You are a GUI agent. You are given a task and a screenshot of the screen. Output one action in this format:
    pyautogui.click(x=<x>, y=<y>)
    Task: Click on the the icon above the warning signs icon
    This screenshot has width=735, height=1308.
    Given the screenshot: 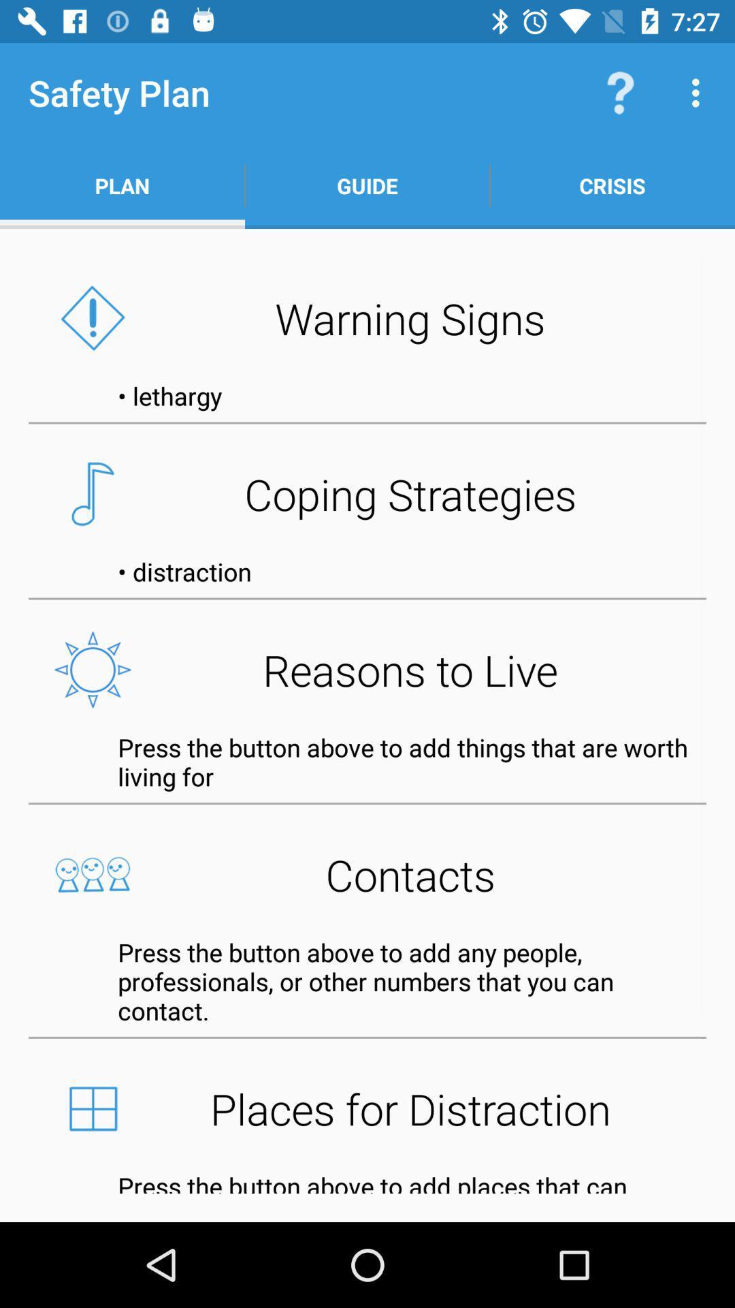 What is the action you would take?
    pyautogui.click(x=367, y=185)
    